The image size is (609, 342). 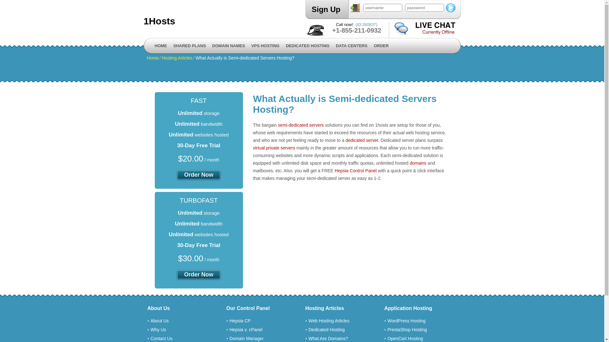 What do you see at coordinates (160, 321) in the screenshot?
I see `'About Us'` at bounding box center [160, 321].